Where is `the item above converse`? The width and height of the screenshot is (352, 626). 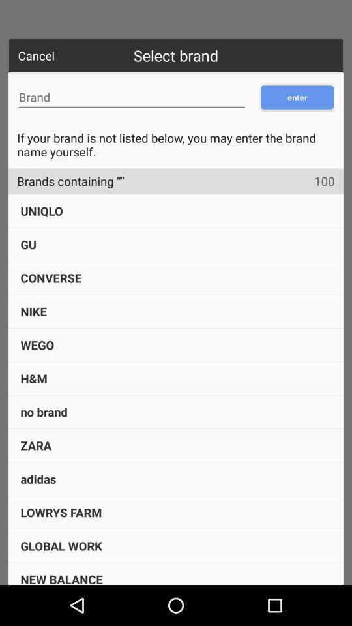
the item above converse is located at coordinates (28, 243).